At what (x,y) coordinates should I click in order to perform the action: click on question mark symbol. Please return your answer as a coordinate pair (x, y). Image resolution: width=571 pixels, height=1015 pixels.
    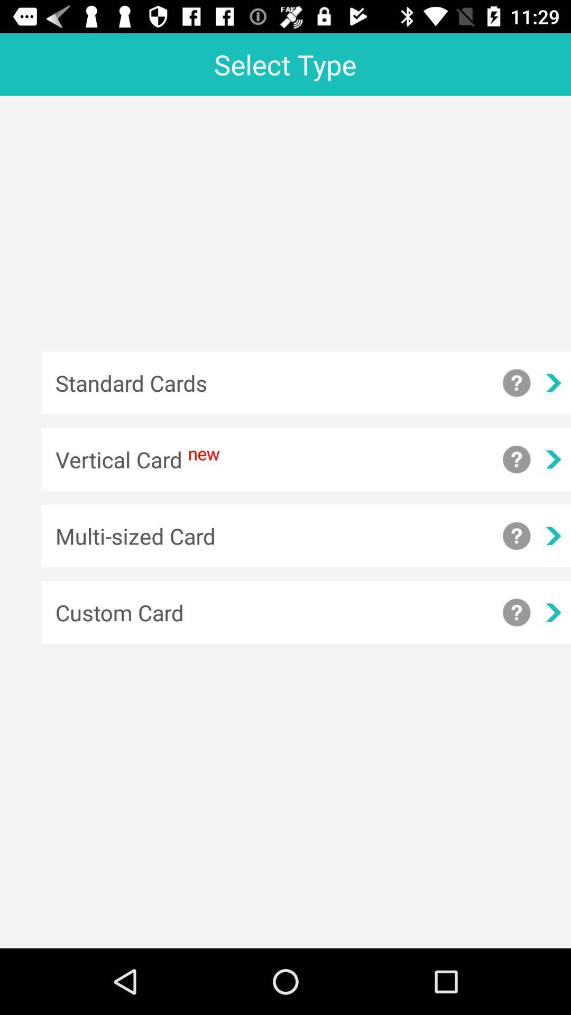
    Looking at the image, I should click on (516, 612).